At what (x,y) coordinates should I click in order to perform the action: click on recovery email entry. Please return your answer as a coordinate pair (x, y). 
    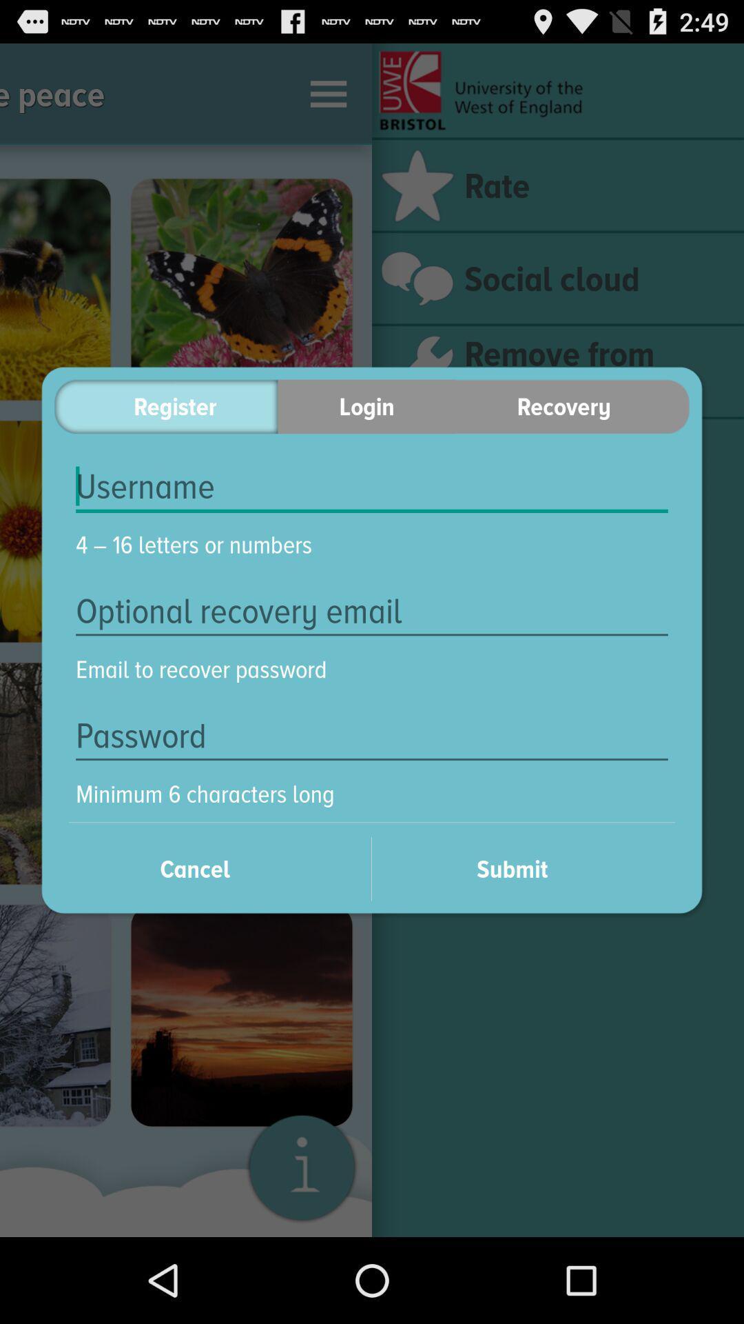
    Looking at the image, I should click on (372, 610).